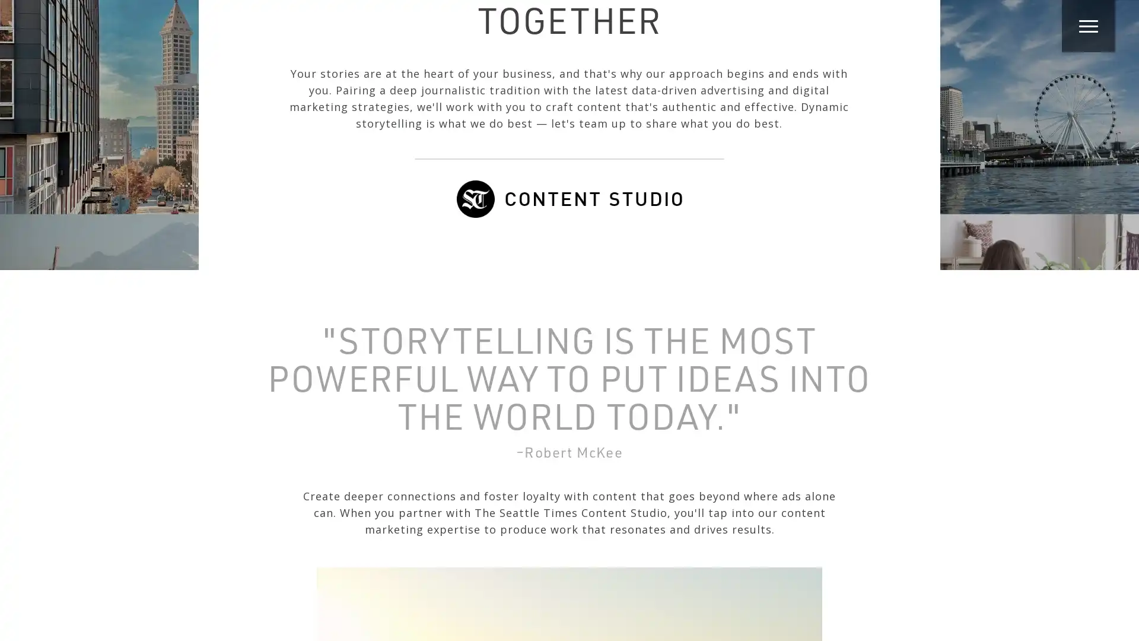  I want to click on Toggle navigation, so click(1088, 23).